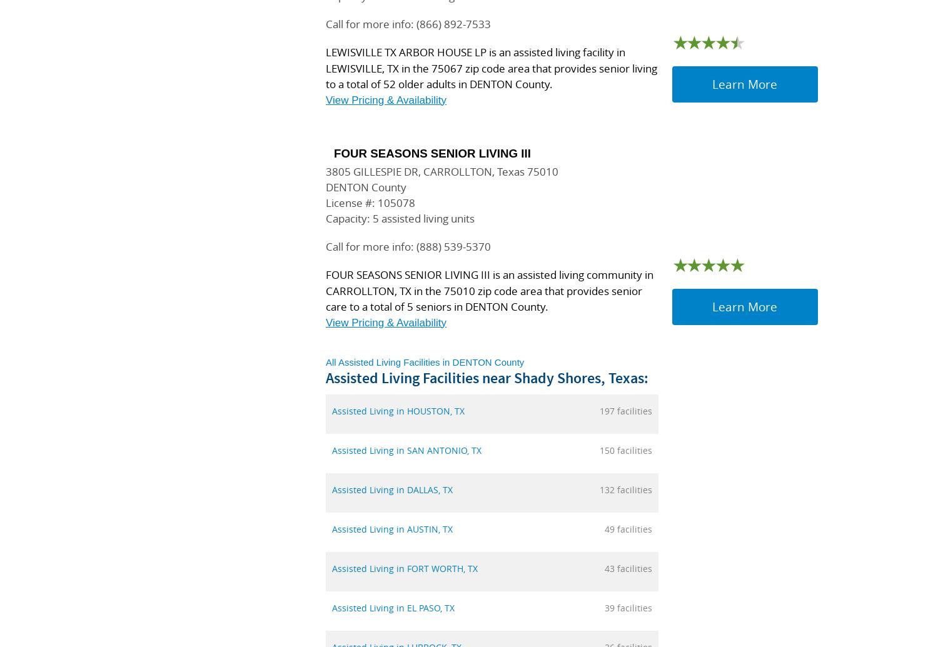 This screenshot has width=938, height=647. What do you see at coordinates (393, 607) in the screenshot?
I see `'Assisted Living in EL PASO, TX'` at bounding box center [393, 607].